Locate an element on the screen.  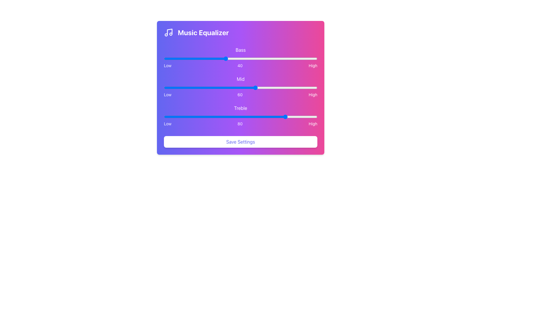
the Text label group displaying the low and high indicators for the 'Treble' slider, which shows the current value '80'. This element is located towards the bottom of the music equalizer interface, part of the third group of controls labeled 'Treble' is located at coordinates (241, 123).